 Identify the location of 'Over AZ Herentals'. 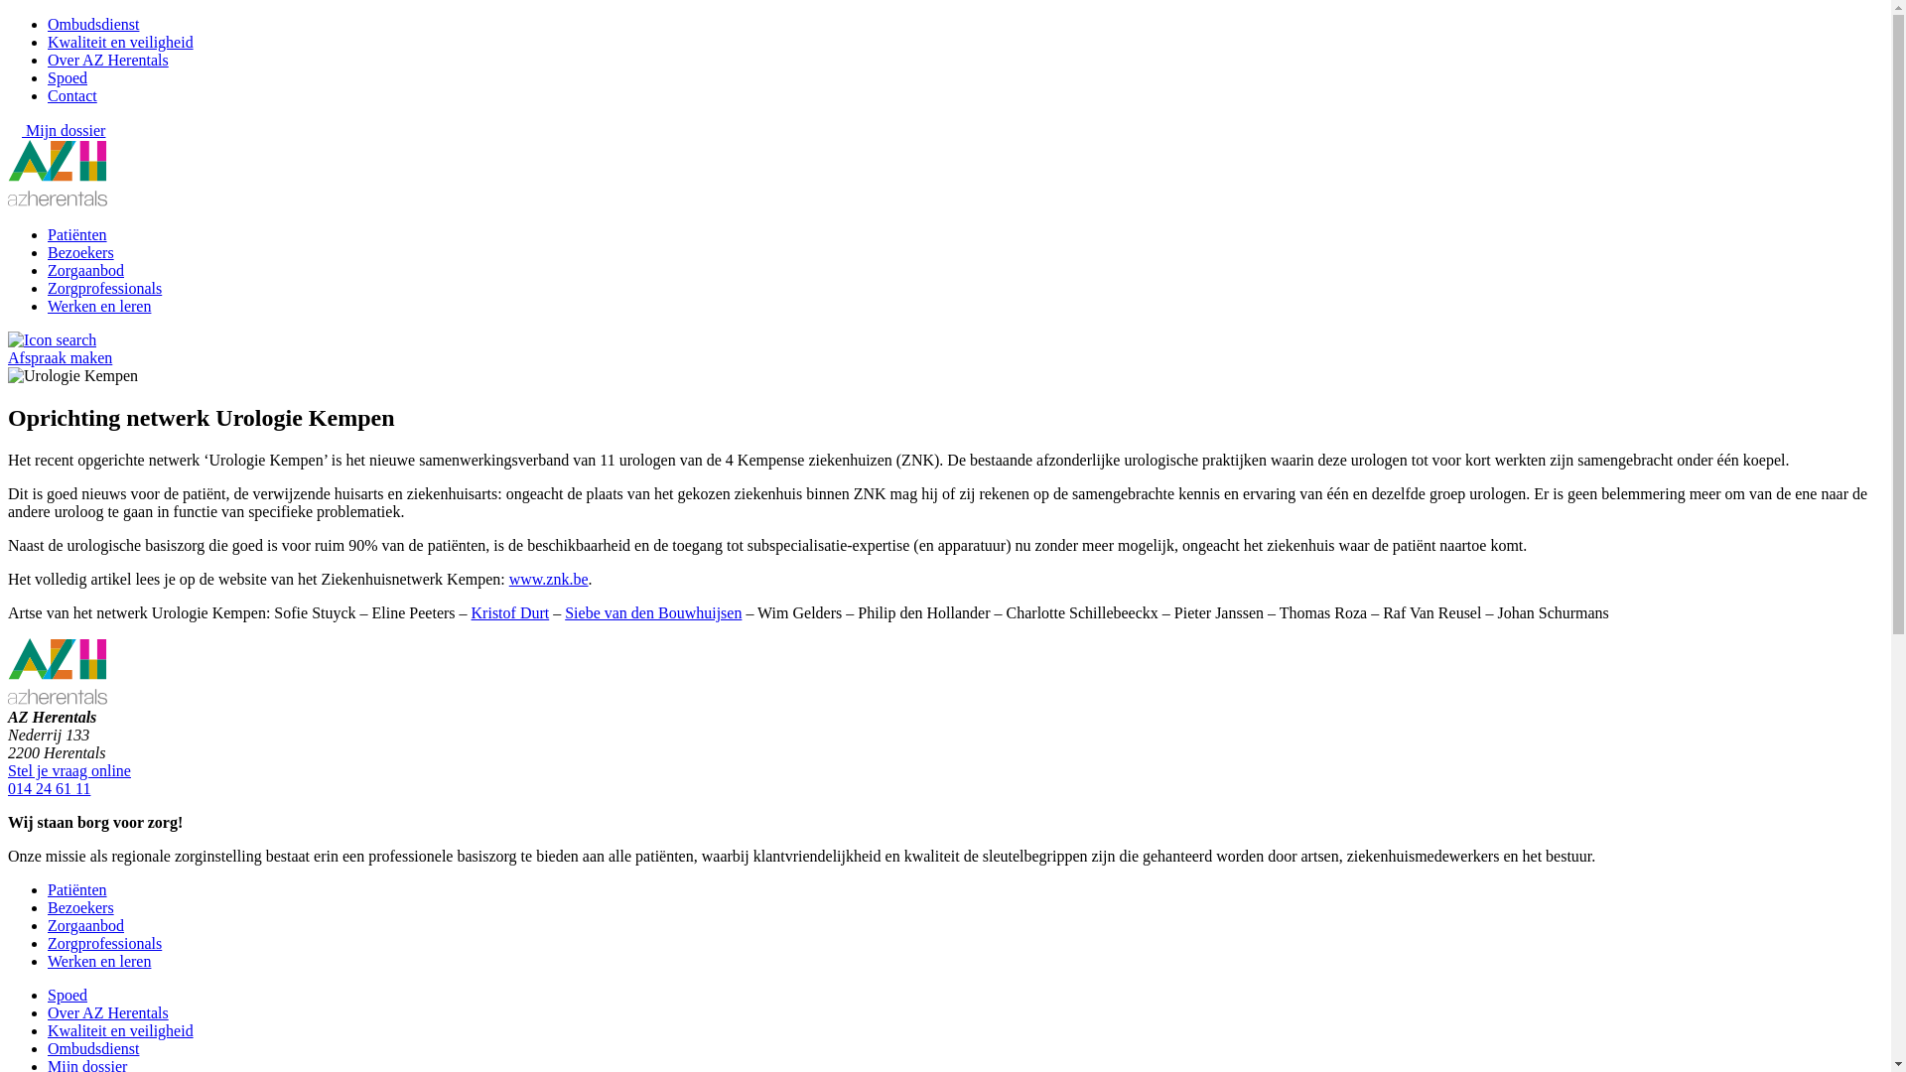
(107, 59).